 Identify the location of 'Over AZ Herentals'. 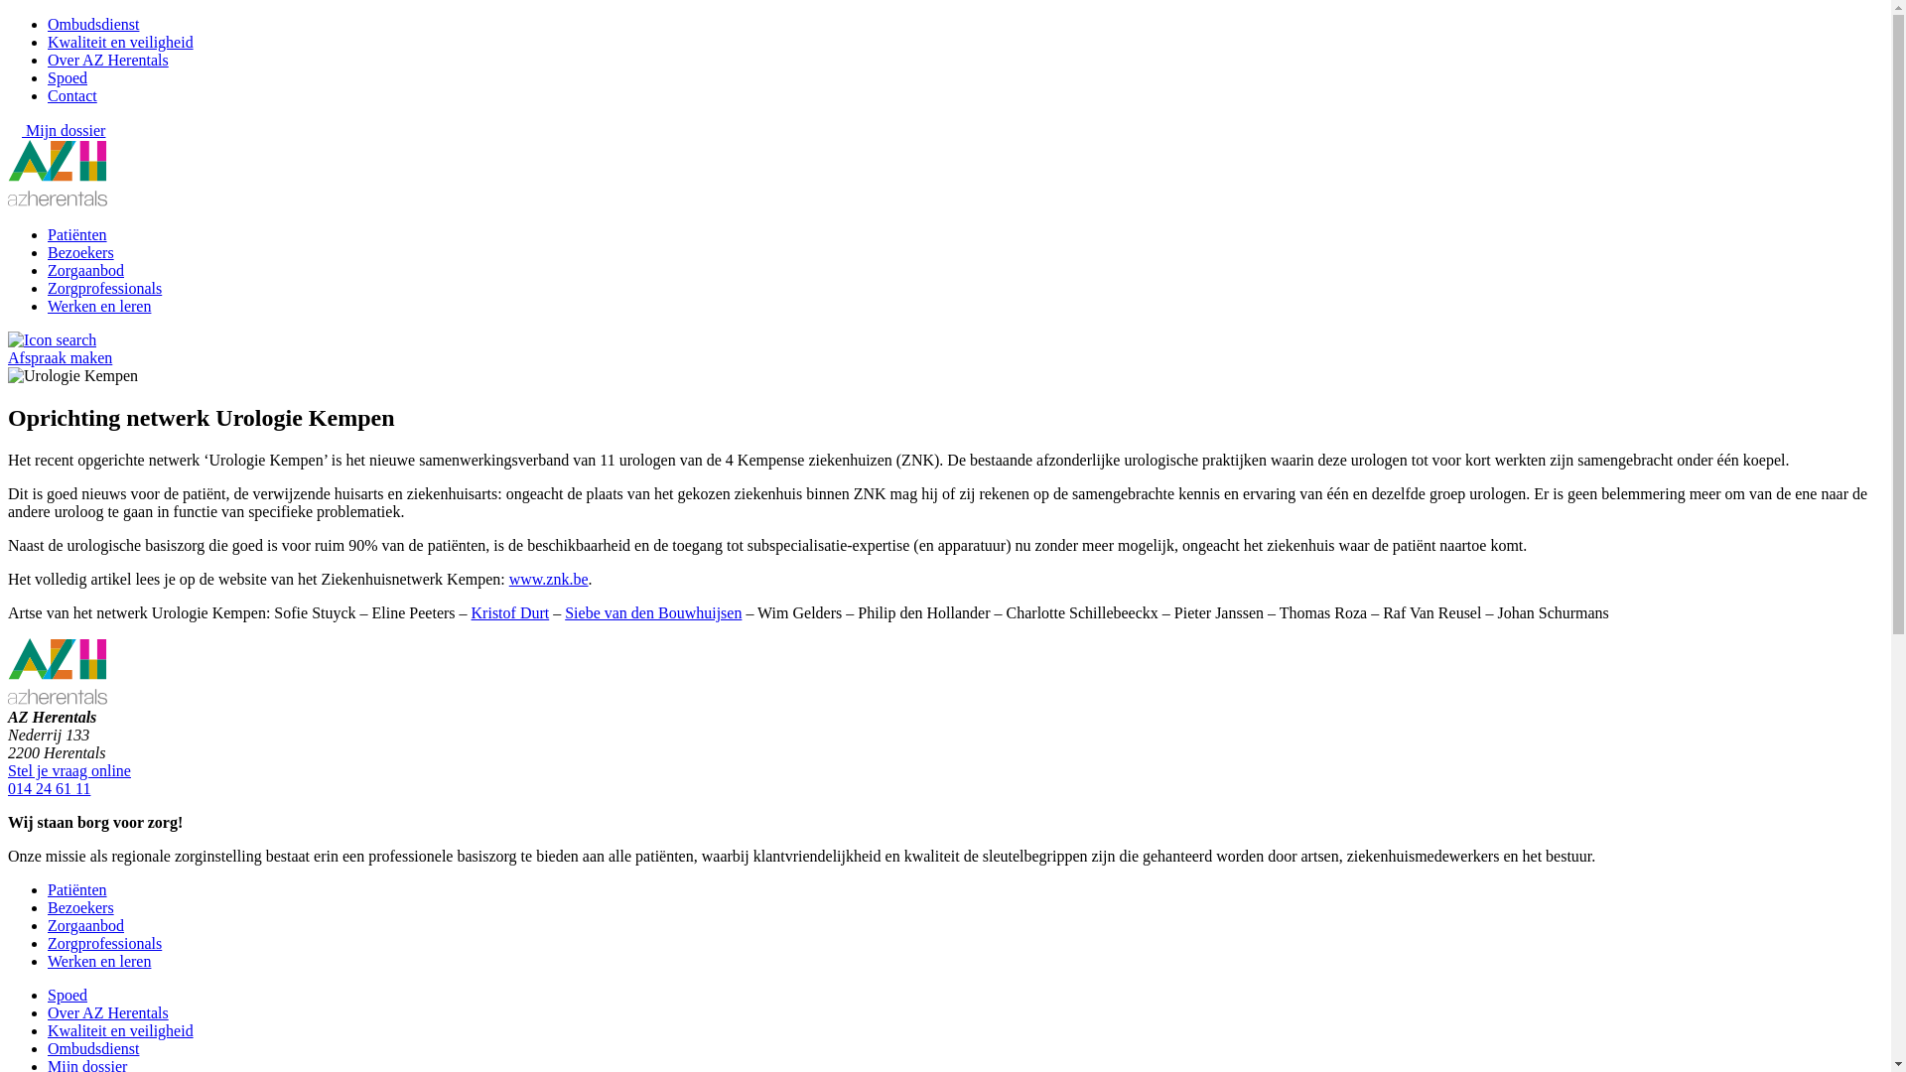
(107, 59).